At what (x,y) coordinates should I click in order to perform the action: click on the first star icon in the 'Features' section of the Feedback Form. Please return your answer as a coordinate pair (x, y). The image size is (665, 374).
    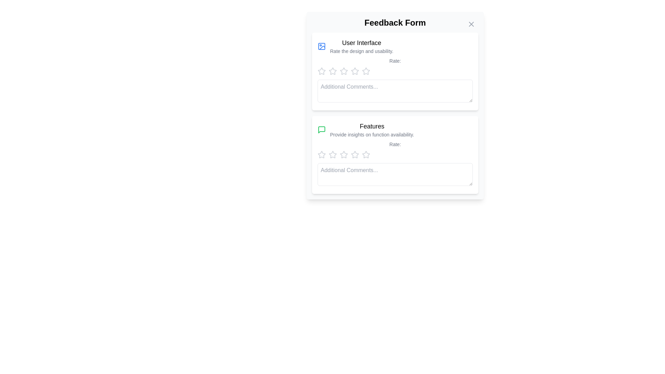
    Looking at the image, I should click on (321, 154).